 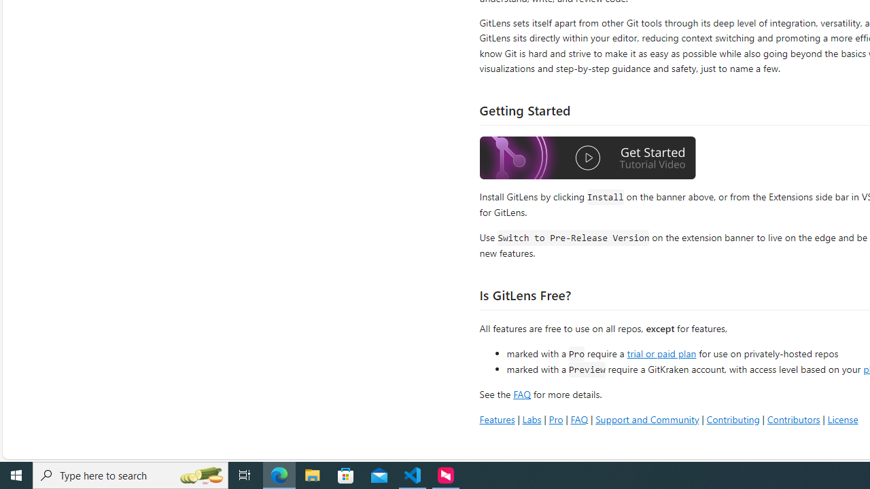 What do you see at coordinates (732, 418) in the screenshot?
I see `'Contributing'` at bounding box center [732, 418].